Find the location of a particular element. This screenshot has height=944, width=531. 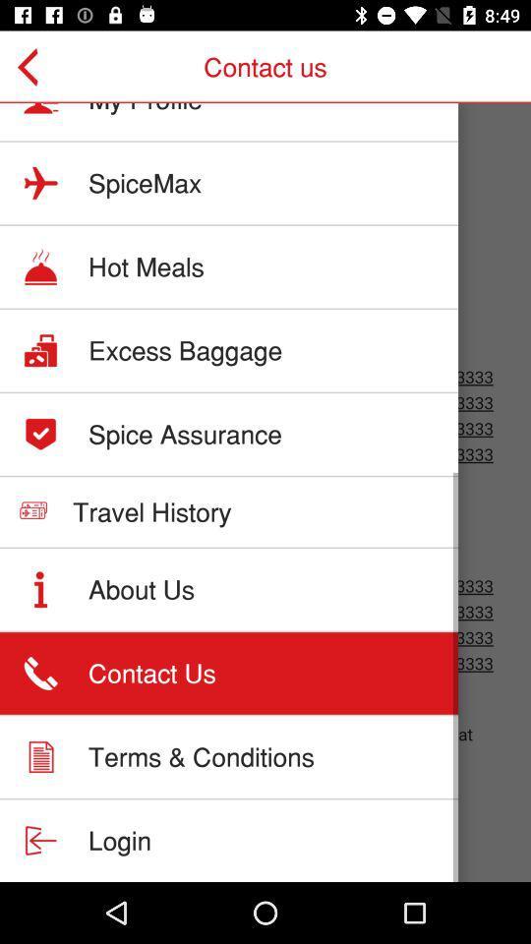

the item below the hot meals icon is located at coordinates (185, 350).